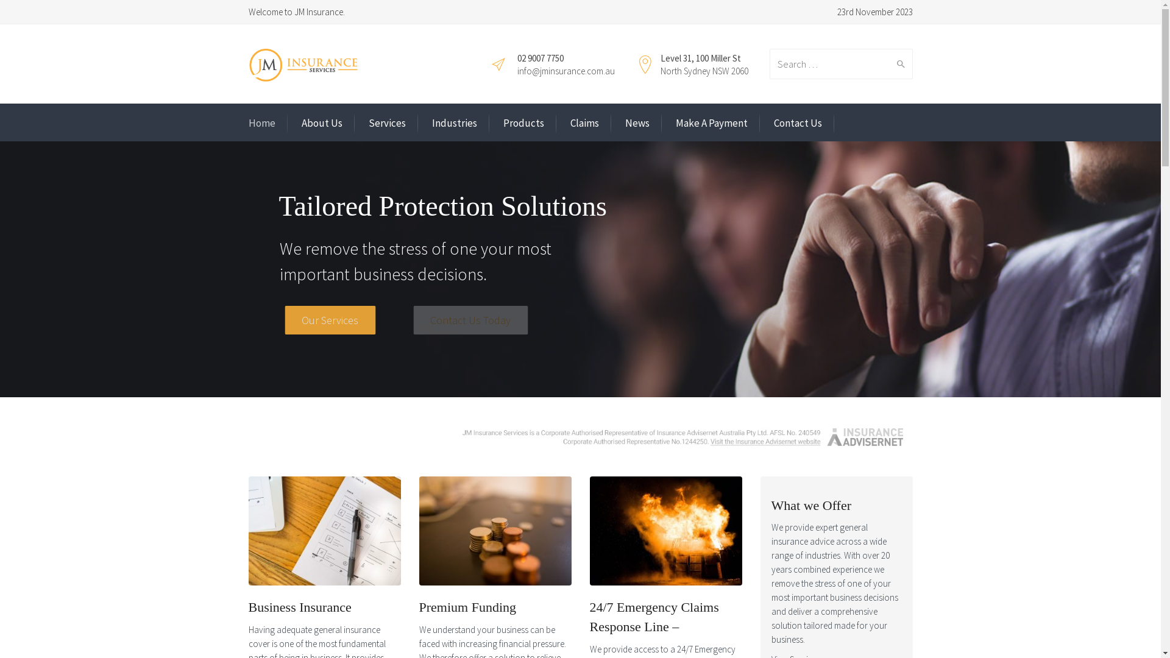 This screenshot has height=658, width=1170. Describe the element at coordinates (453, 123) in the screenshot. I see `'Industries'` at that location.